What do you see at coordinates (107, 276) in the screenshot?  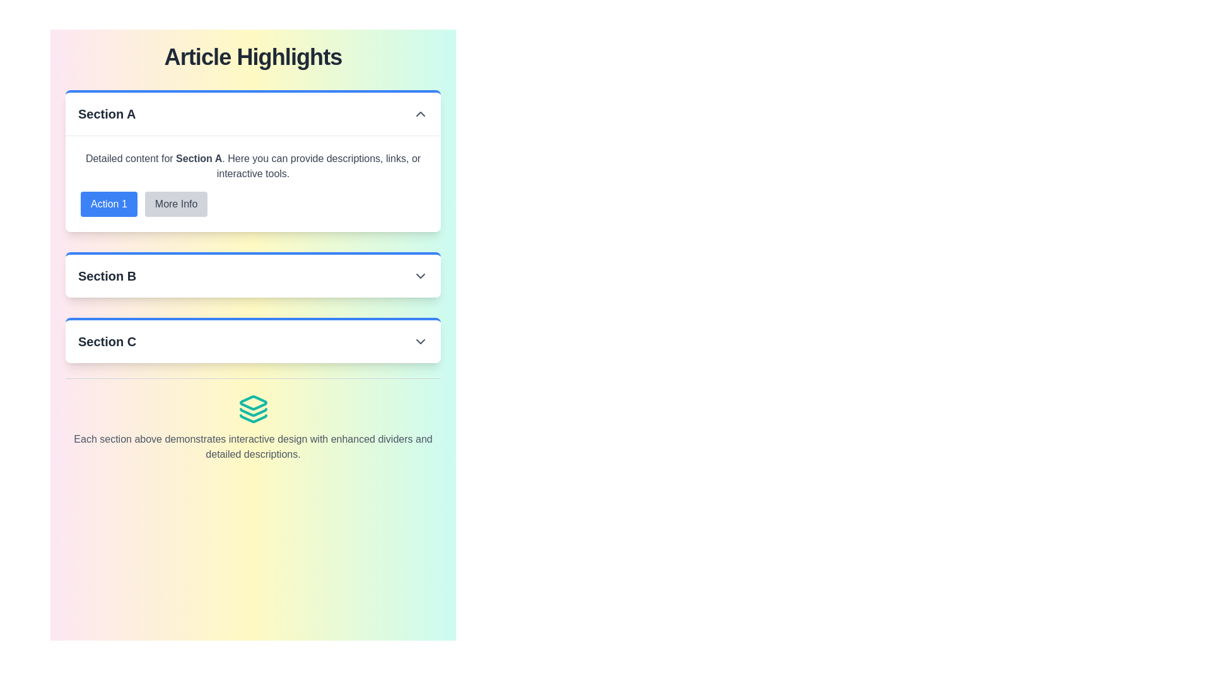 I see `text label displaying 'Section B', which is bold and slightly larger, aligned to the left and visually separates different sections of the interface` at bounding box center [107, 276].